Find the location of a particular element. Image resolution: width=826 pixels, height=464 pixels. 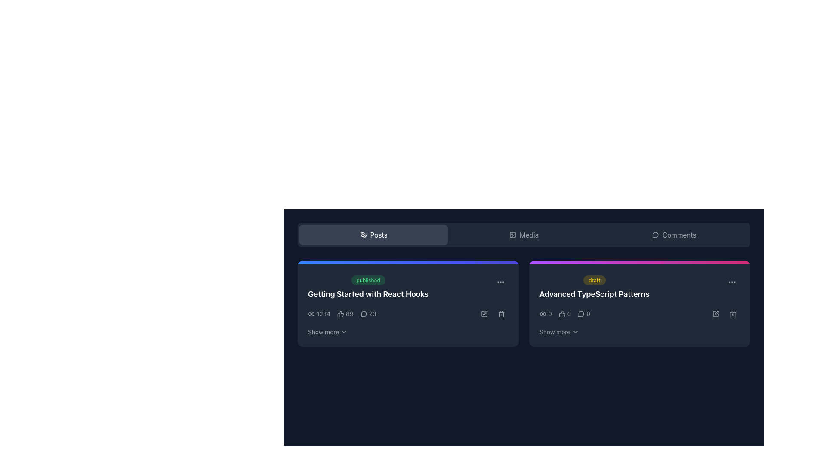

the editing or deleting icons on the first card in the left column of the grid layout, which summarizes the post titled 'Getting Started with React Hooks.' is located at coordinates (408, 303).